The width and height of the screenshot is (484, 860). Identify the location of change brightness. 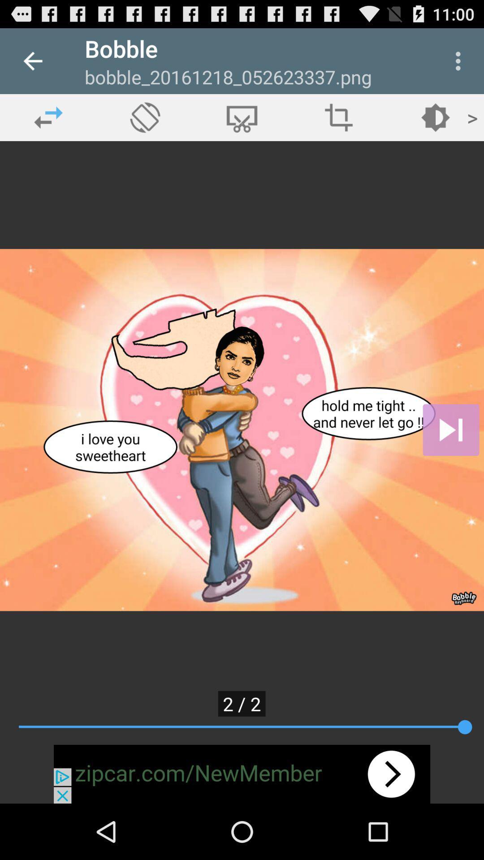
(435, 117).